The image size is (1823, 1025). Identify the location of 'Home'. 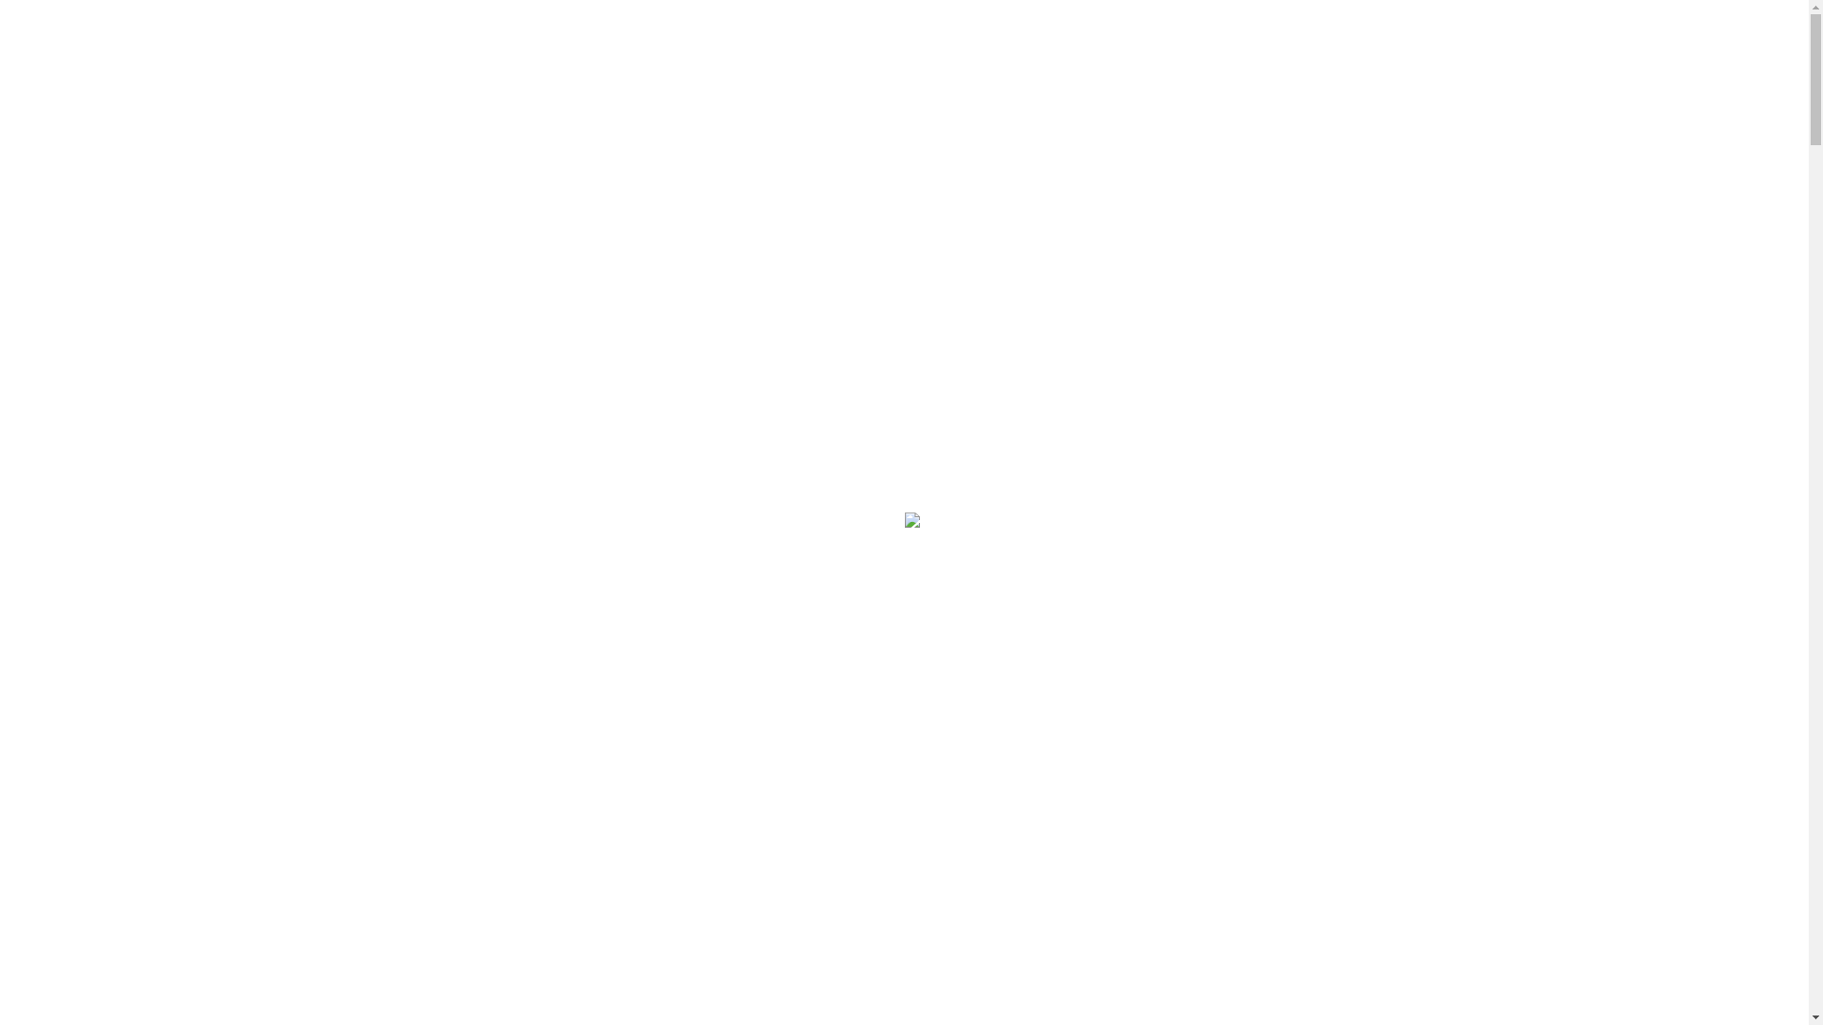
(64, 134).